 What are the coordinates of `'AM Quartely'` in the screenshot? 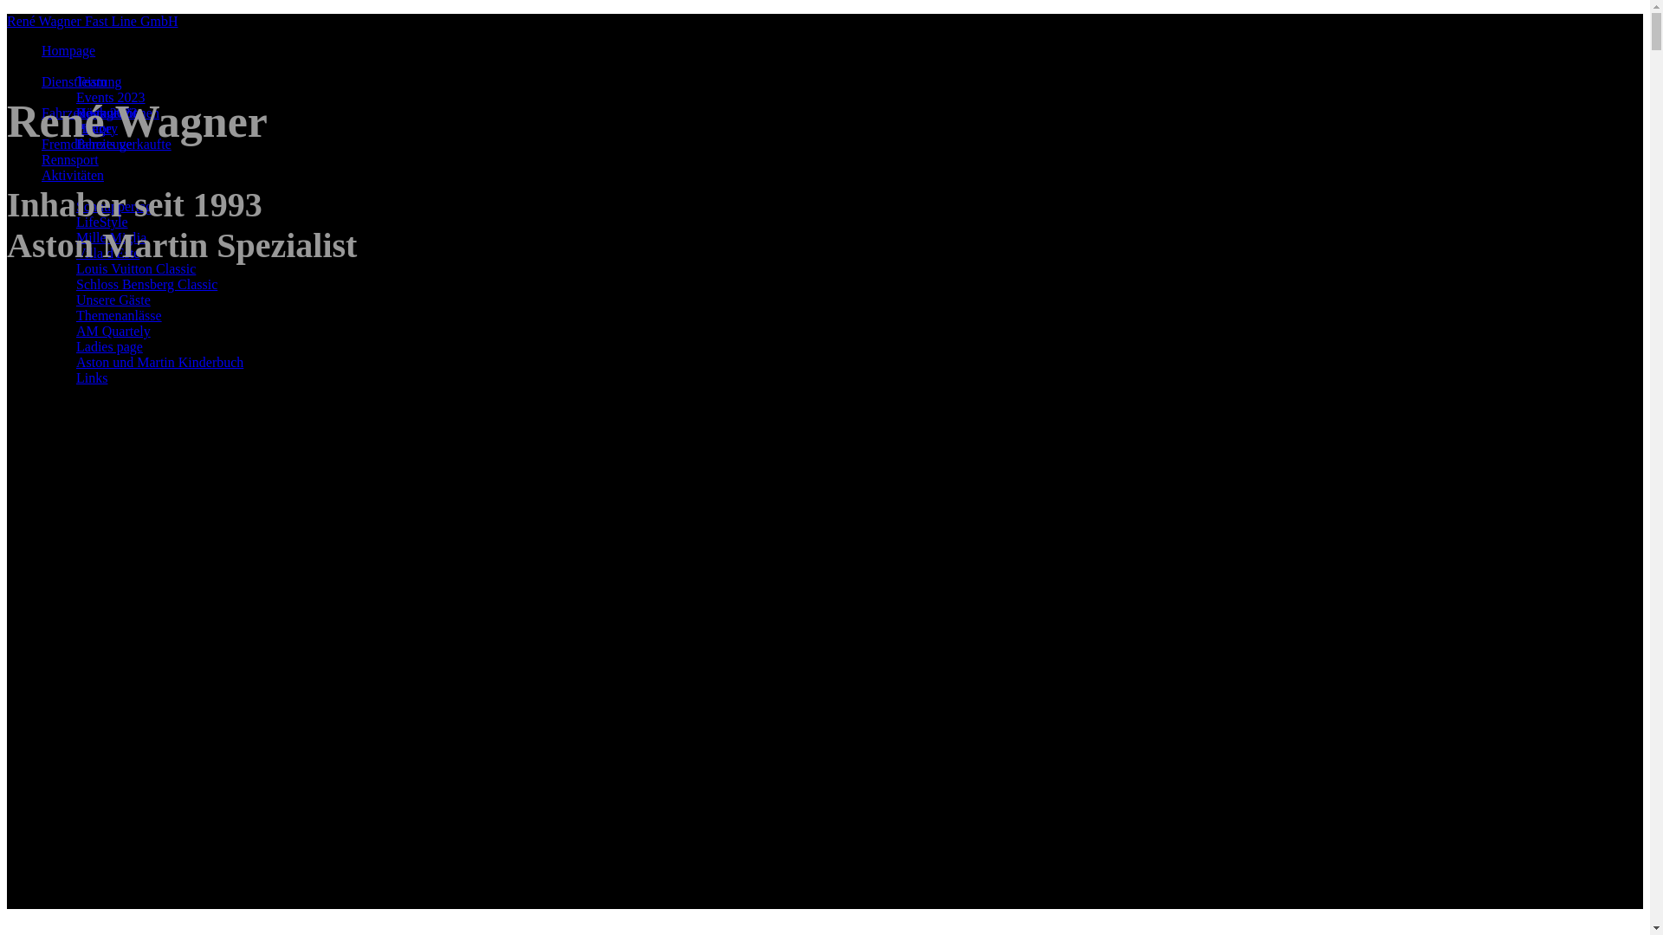 It's located at (74, 331).